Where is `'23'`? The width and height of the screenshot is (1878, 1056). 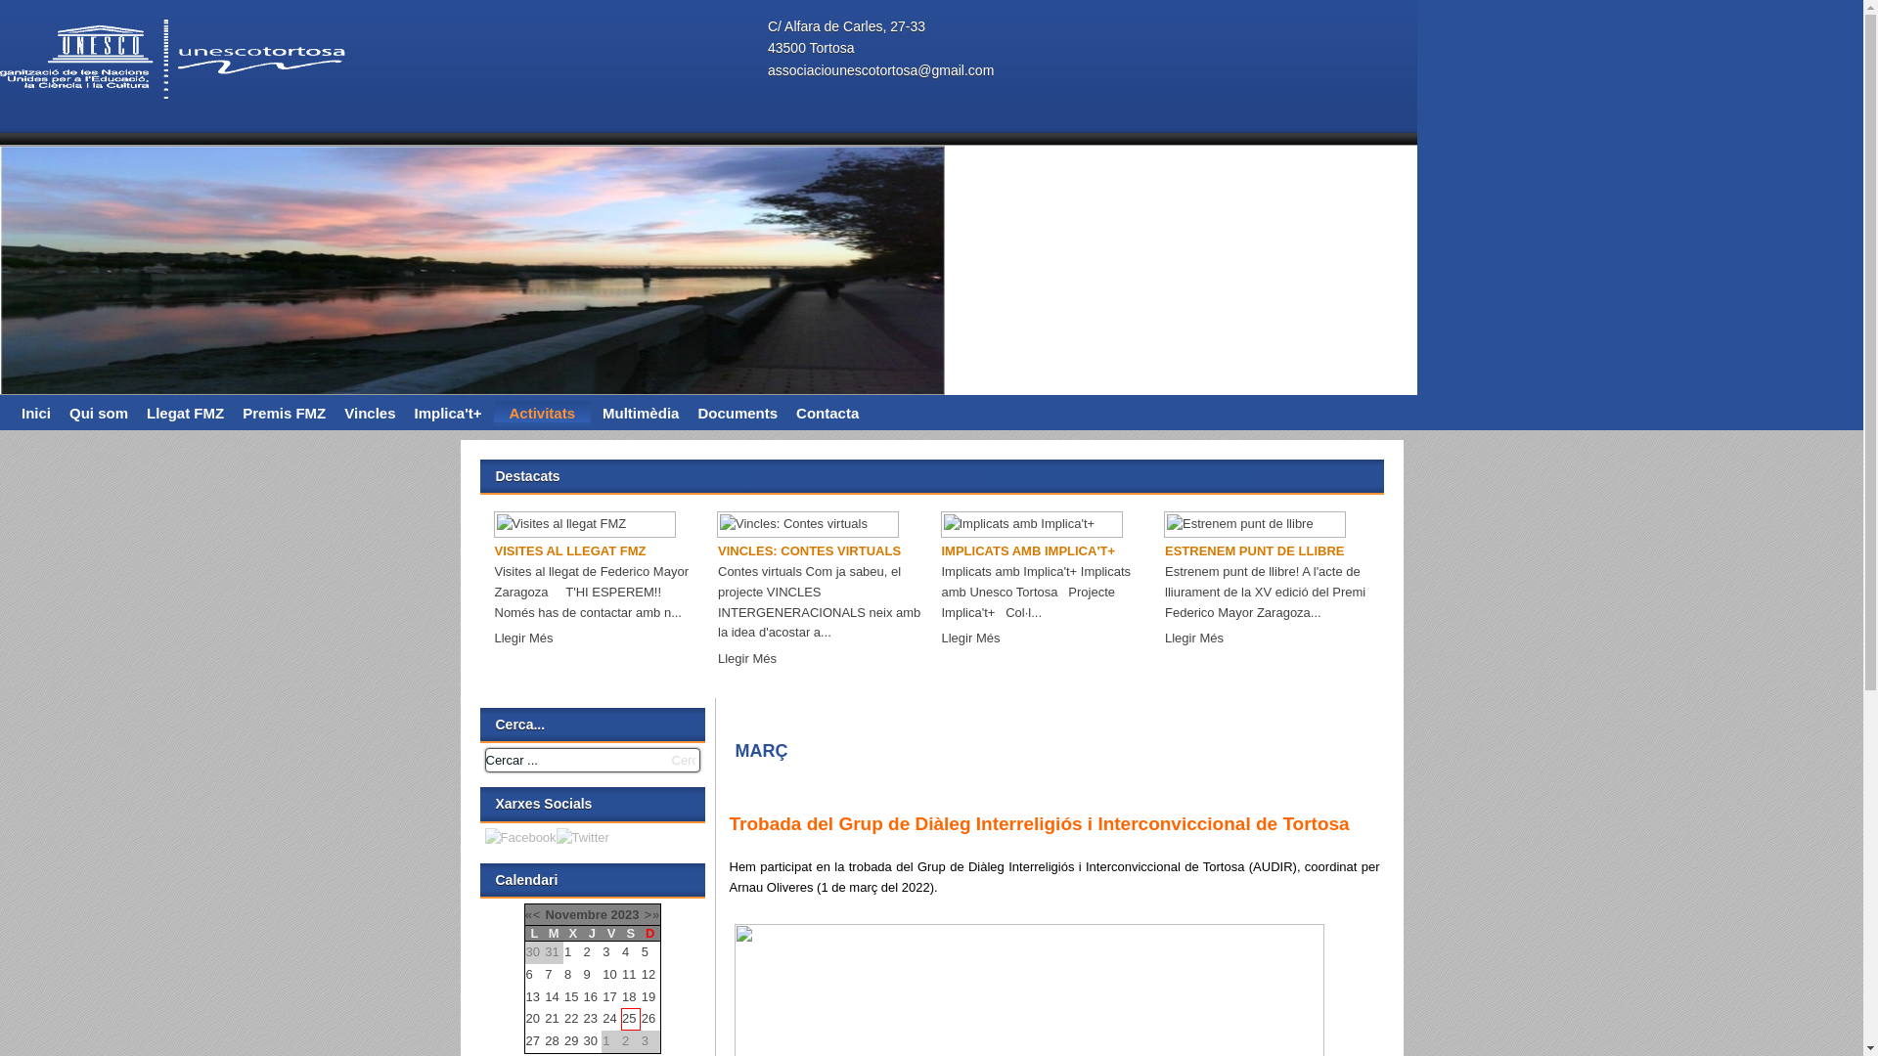 '23' is located at coordinates (582, 1017).